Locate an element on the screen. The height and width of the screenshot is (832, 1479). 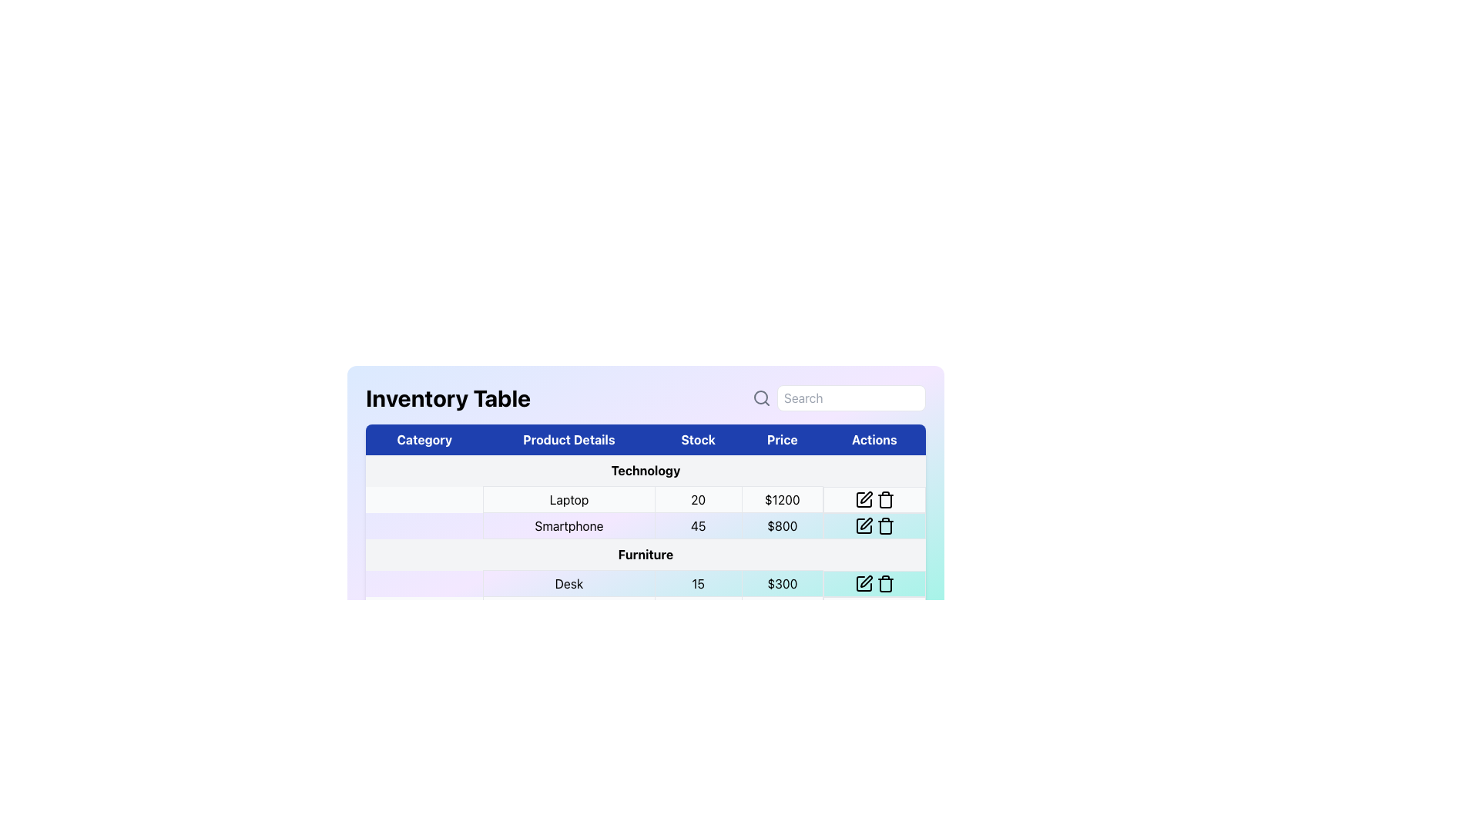
the solid square icon with a black stroke in the 'Actions' column of the 'Inventory Table' is located at coordinates (864, 583).